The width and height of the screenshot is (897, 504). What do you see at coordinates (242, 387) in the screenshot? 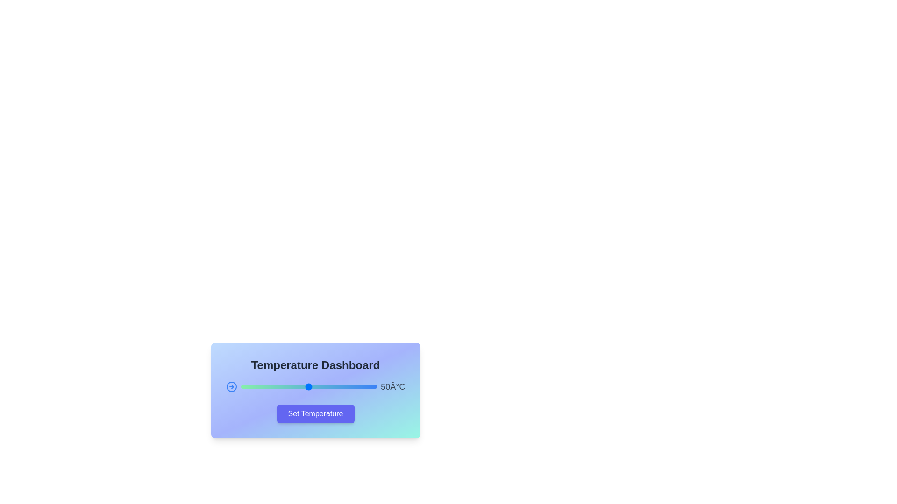
I see `the slider to set the temperature to 1°C` at bounding box center [242, 387].